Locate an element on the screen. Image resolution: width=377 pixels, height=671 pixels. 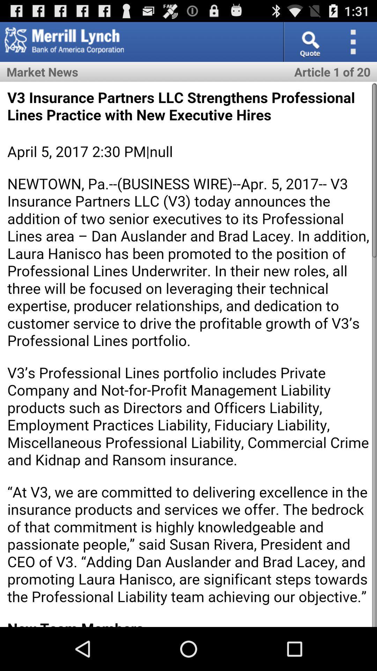
search is located at coordinates (309, 42).